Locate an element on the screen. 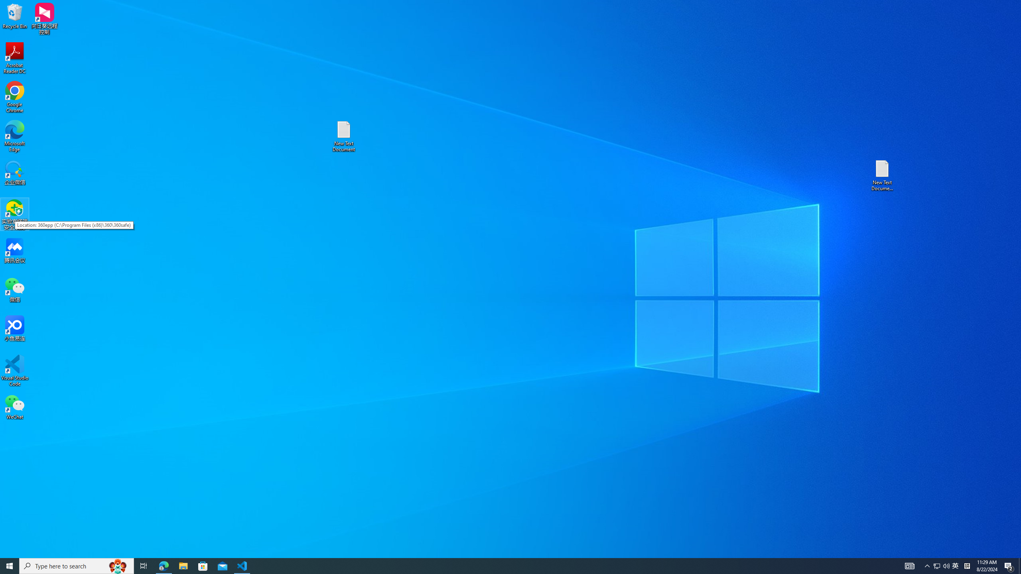  'Tray Input Indicator - Chinese (Simplified, China)' is located at coordinates (967, 565).